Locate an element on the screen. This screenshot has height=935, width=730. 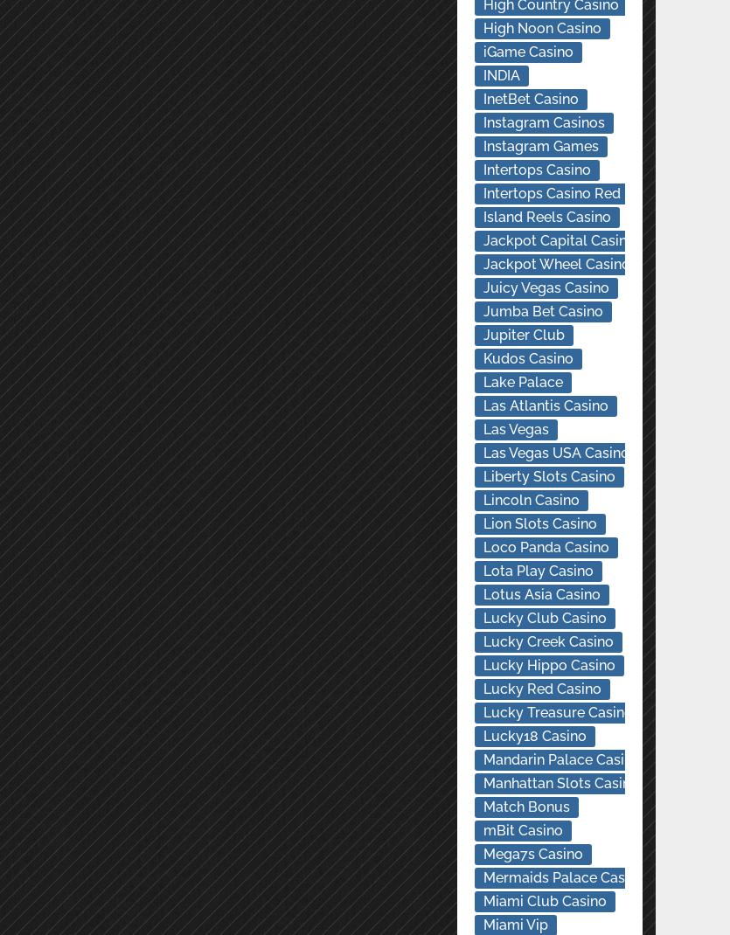
'Liberty Slots Casino' is located at coordinates (547, 475).